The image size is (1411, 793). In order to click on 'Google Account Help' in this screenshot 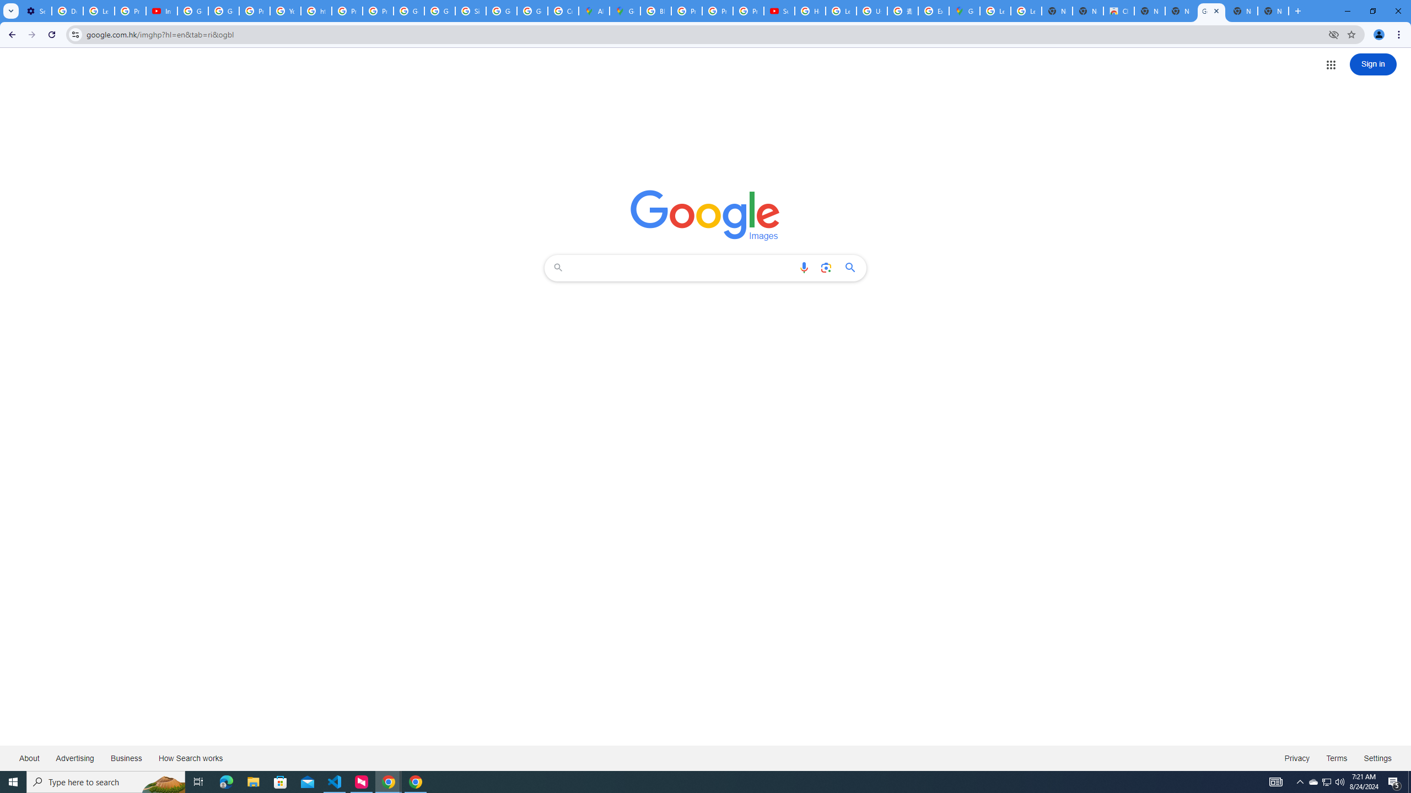, I will do `click(192, 10)`.